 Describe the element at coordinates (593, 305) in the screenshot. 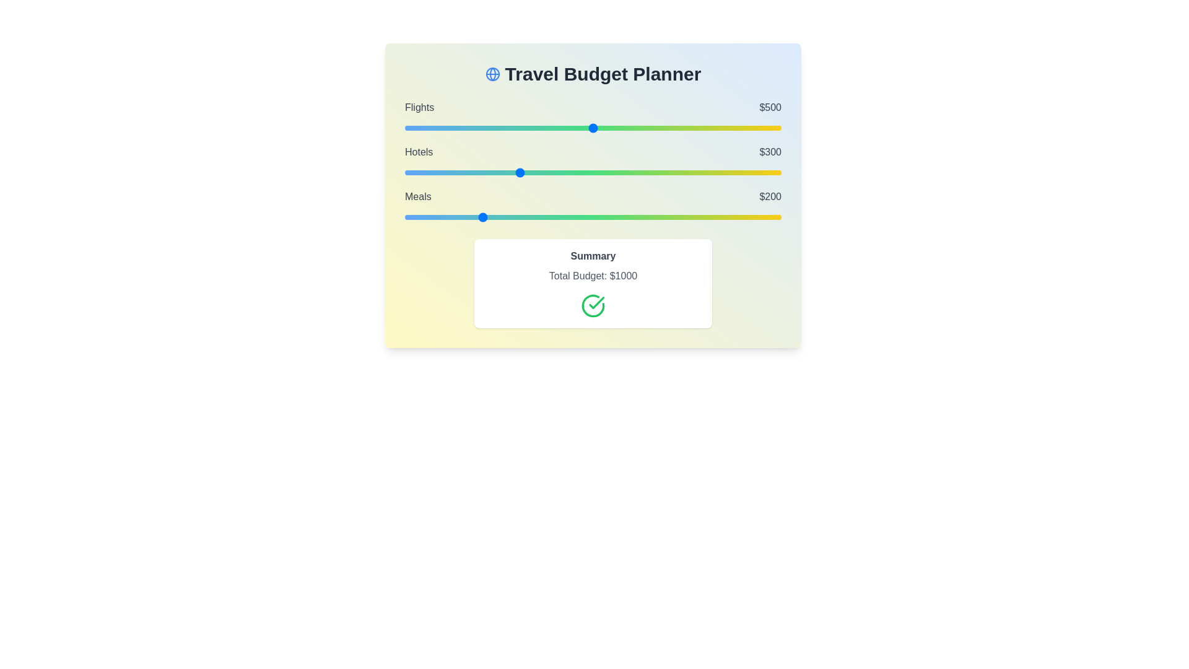

I see `the 'Check Circle' icon in the 'Summary' section` at that location.